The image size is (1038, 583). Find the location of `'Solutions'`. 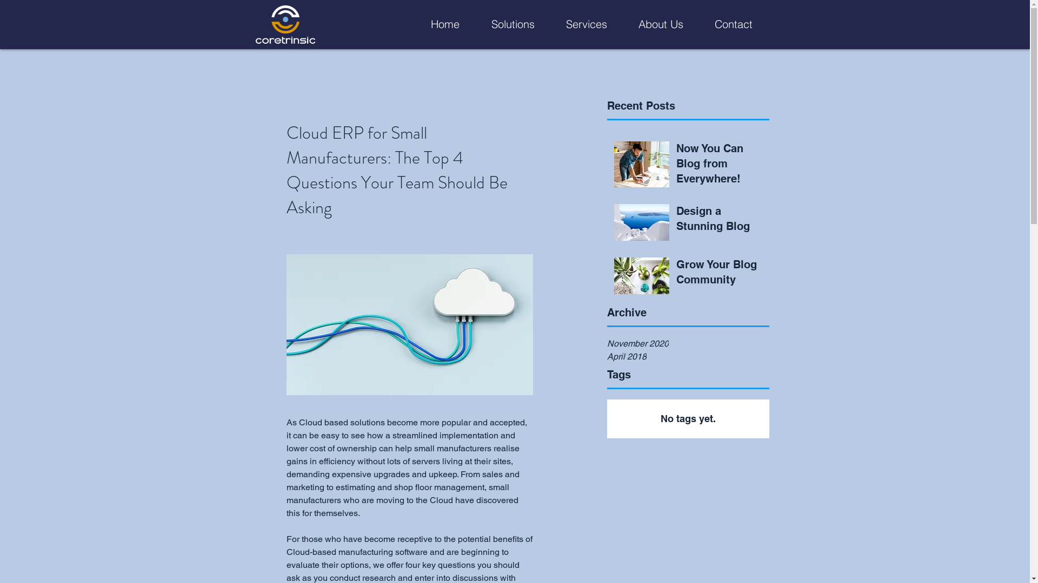

'Solutions' is located at coordinates (504, 24).